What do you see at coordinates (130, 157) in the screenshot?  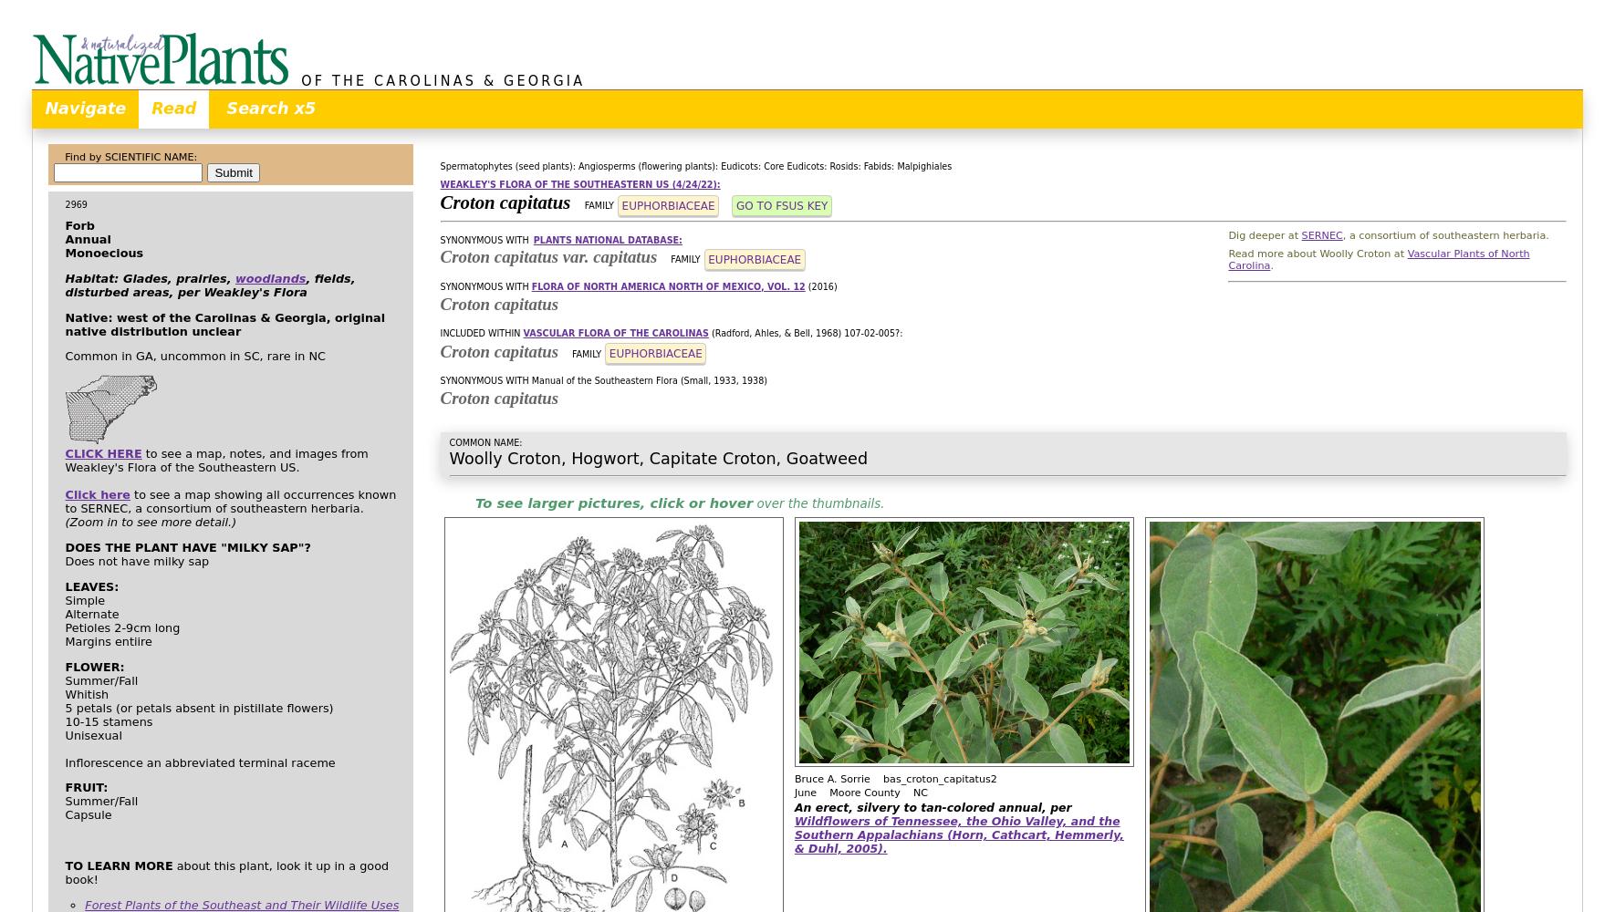 I see `'Find by SCIENTIFIC NAME:'` at bounding box center [130, 157].